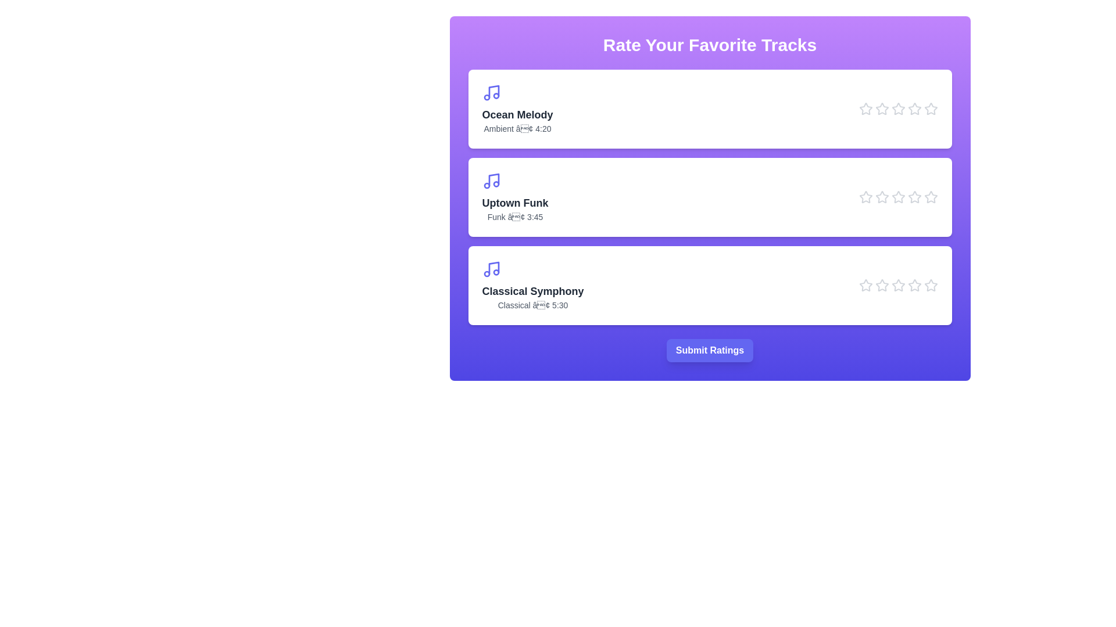 Image resolution: width=1116 pixels, height=627 pixels. I want to click on the star icon corresponding to Uptown Funk at 1 stars to preview the rating, so click(865, 196).